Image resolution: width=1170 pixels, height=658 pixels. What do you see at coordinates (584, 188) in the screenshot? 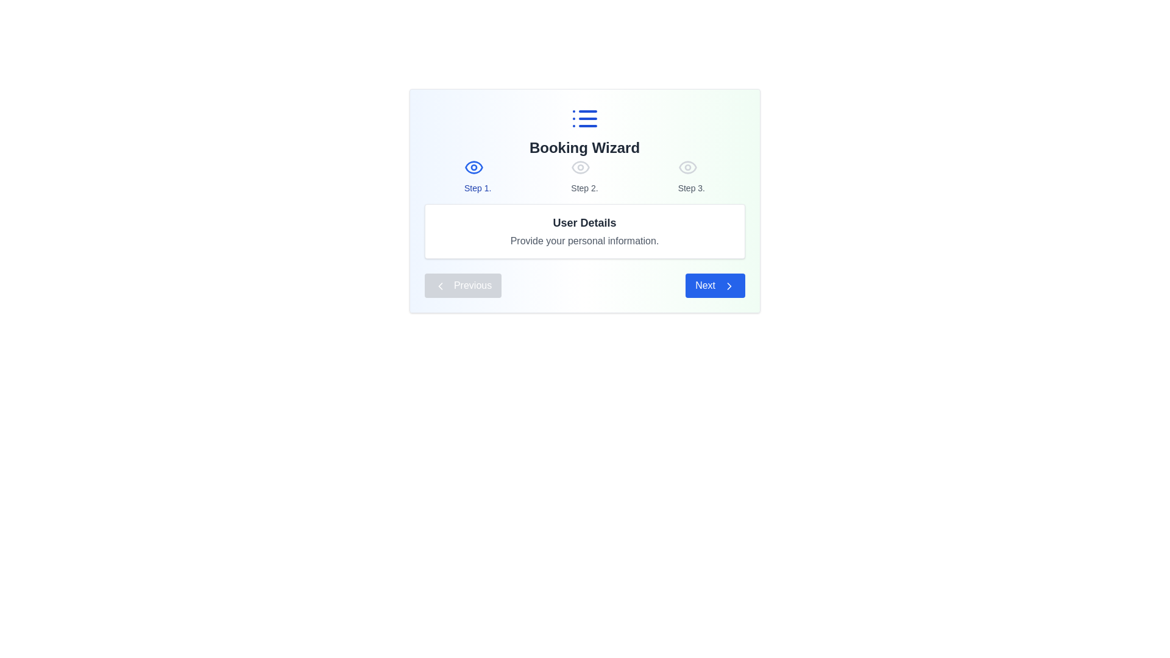
I see `the 'Step 2.' text label, which is styled in gray color and is part of the step indicator for the booking wizard interface` at bounding box center [584, 188].